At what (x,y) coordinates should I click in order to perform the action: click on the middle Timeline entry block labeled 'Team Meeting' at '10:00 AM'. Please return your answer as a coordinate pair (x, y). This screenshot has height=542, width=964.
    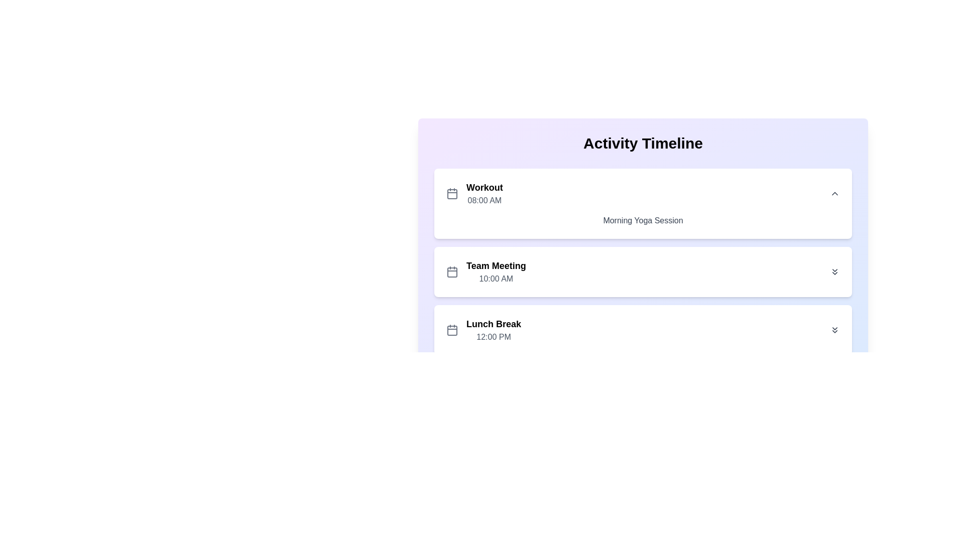
    Looking at the image, I should click on (643, 261).